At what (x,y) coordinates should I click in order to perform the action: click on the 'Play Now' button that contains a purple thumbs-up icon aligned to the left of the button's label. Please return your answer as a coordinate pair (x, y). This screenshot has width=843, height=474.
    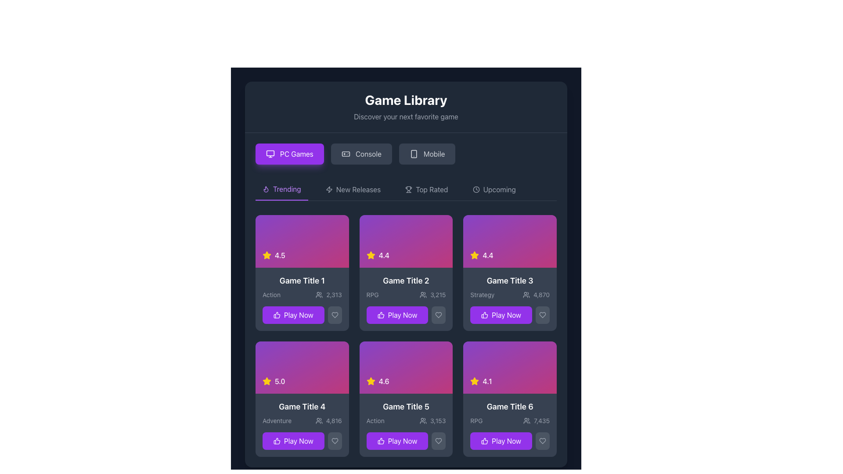
    Looking at the image, I should click on (381, 441).